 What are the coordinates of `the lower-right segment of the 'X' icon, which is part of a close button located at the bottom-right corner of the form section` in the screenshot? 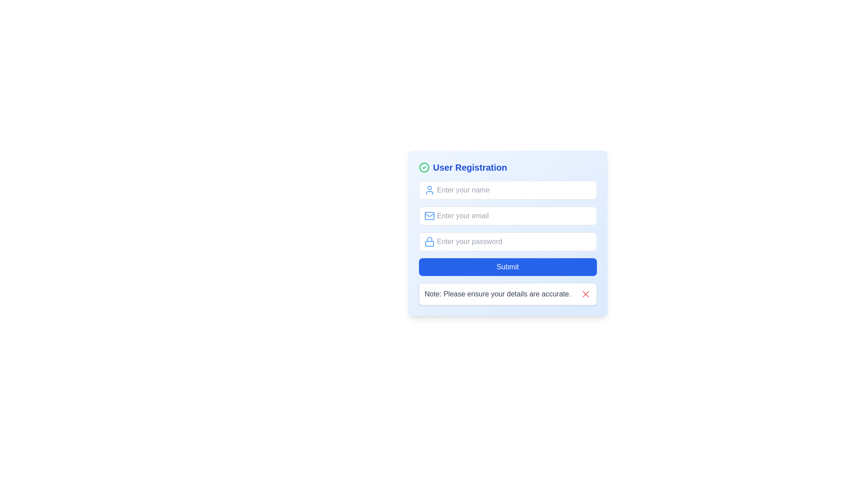 It's located at (585, 294).